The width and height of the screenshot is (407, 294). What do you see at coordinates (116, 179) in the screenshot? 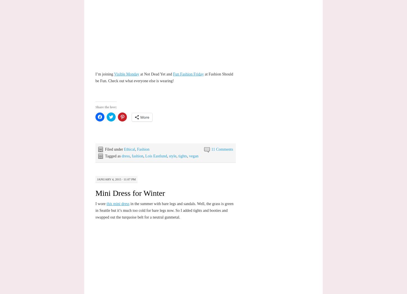
I see `'January 4, 2015 · 11:07 pm'` at bounding box center [116, 179].